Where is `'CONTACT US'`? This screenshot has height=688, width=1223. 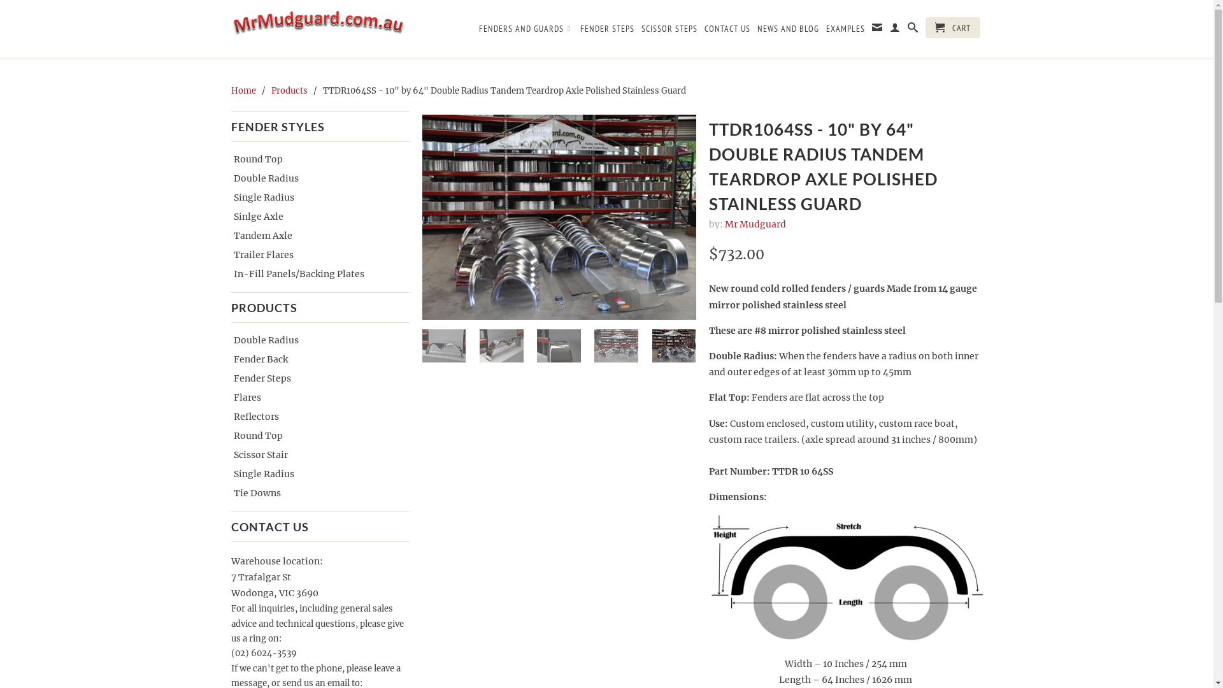 'CONTACT US' is located at coordinates (727, 31).